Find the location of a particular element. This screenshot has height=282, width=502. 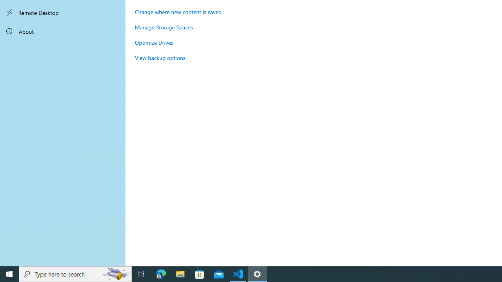

'Visual Studio Code - 1 running window' is located at coordinates (238, 273).